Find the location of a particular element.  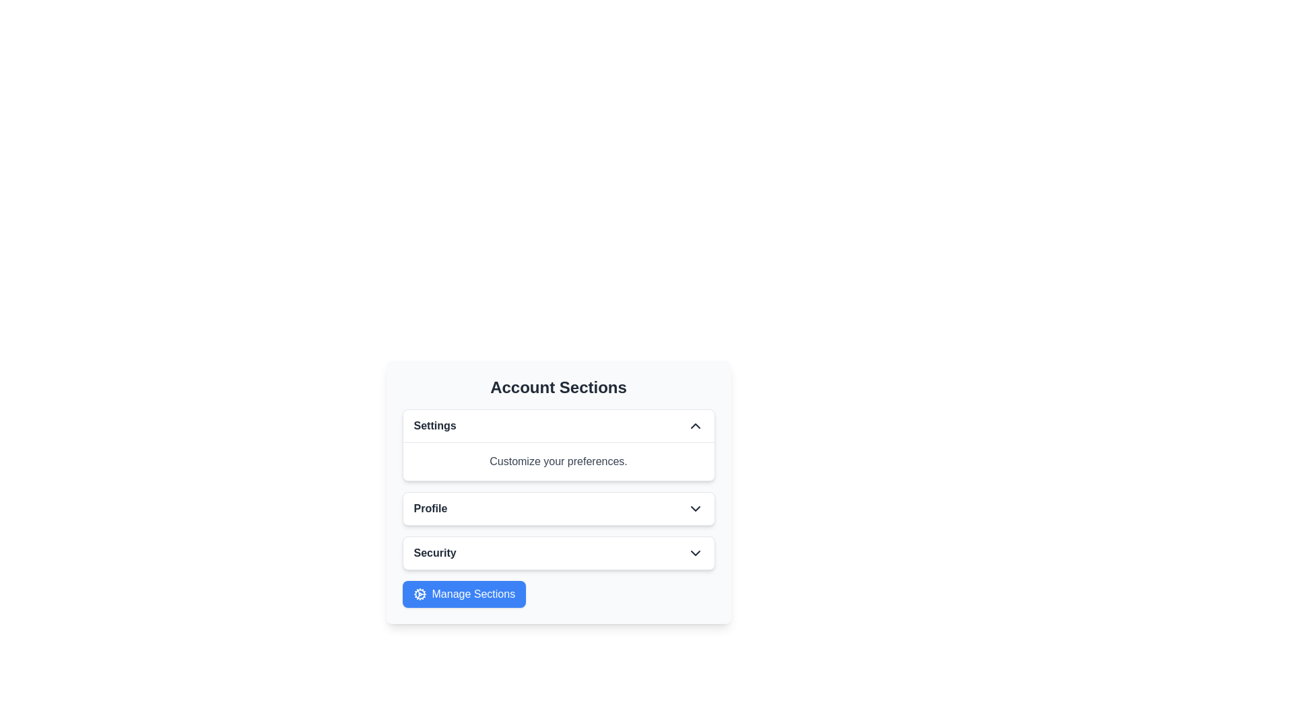

the collapsible section header for the 'Settings' menu located in the 'Account Sections' panel, enabling keyboard navigation is located at coordinates (558, 425).